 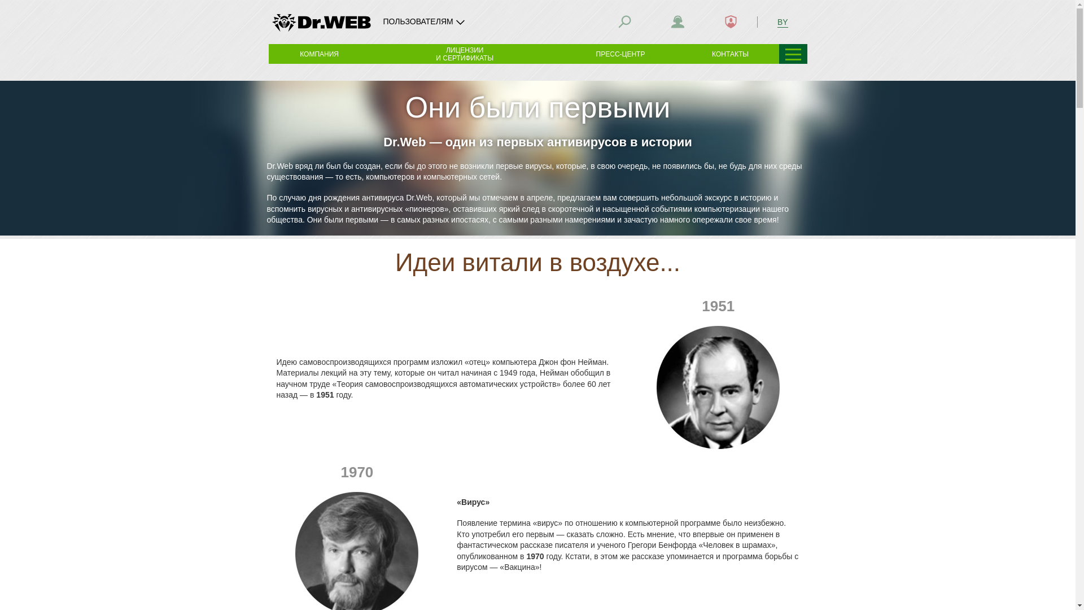 I want to click on 'BY', so click(x=782, y=21).